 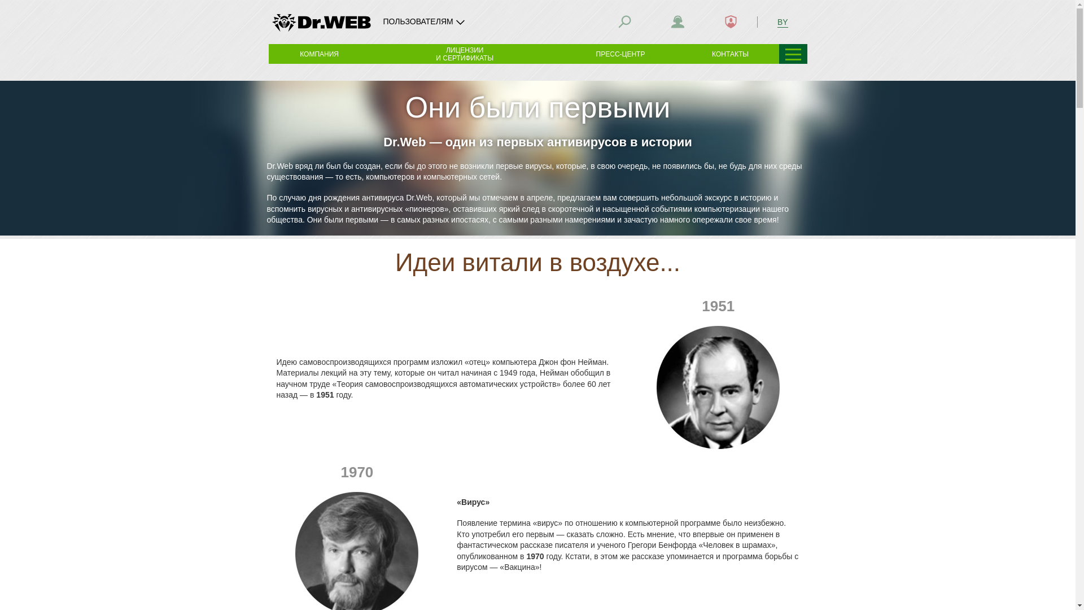 I want to click on 'BY', so click(x=782, y=21).